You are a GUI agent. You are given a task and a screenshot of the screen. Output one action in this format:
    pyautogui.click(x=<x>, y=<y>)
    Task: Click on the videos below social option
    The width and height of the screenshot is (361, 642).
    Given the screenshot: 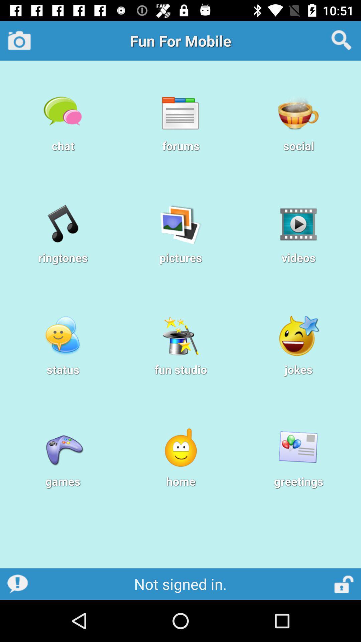 What is the action you would take?
    pyautogui.click(x=298, y=236)
    